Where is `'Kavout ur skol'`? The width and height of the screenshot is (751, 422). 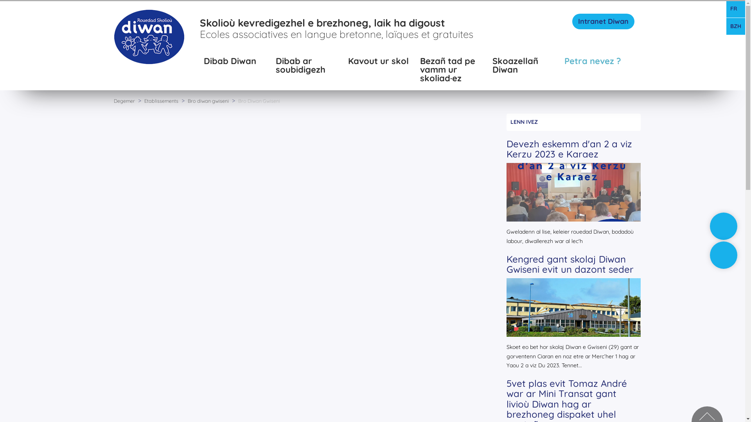 'Kavout ur skol' is located at coordinates (380, 66).